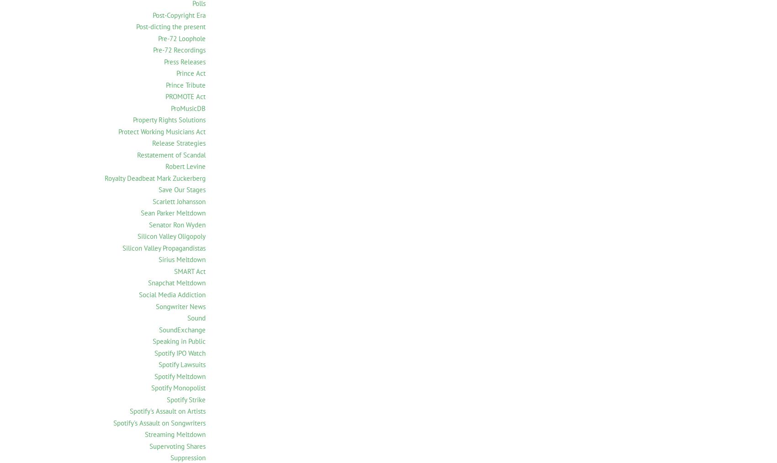 The height and width of the screenshot is (463, 777). Describe the element at coordinates (172, 213) in the screenshot. I see `'Sean Parker Meltdown'` at that location.